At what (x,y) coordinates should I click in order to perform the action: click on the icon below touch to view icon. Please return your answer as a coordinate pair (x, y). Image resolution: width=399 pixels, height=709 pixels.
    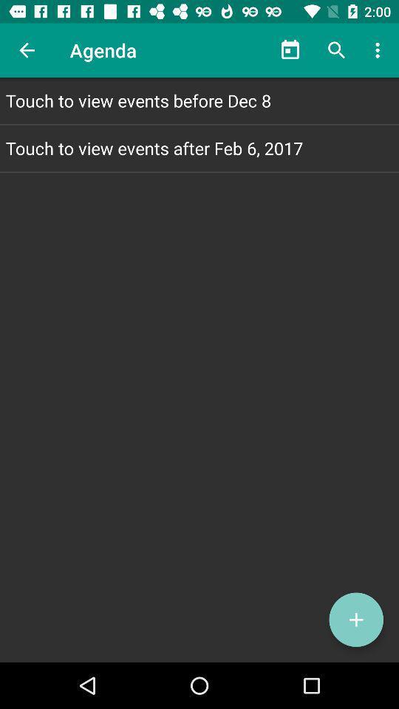
    Looking at the image, I should click on (355, 620).